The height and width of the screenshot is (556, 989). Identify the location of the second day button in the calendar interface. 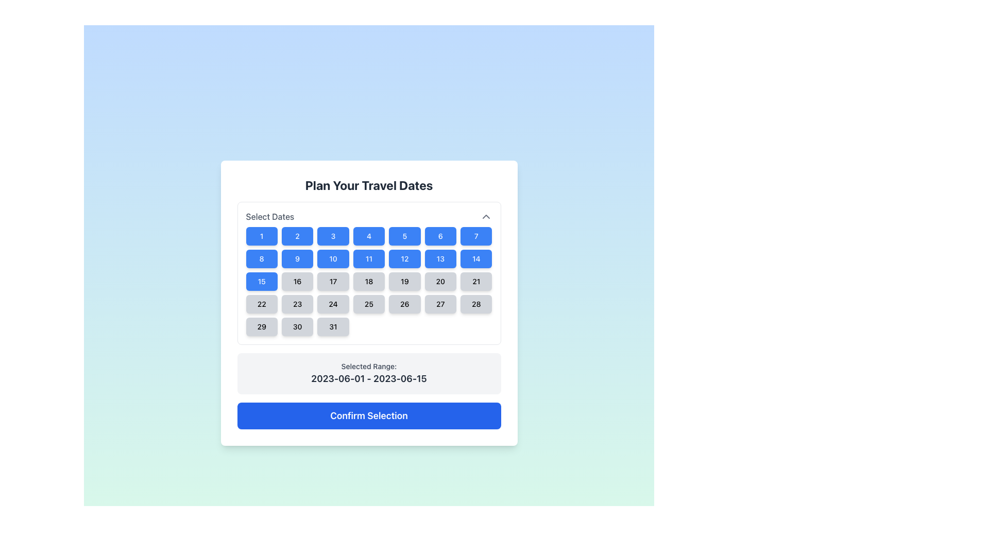
(297, 236).